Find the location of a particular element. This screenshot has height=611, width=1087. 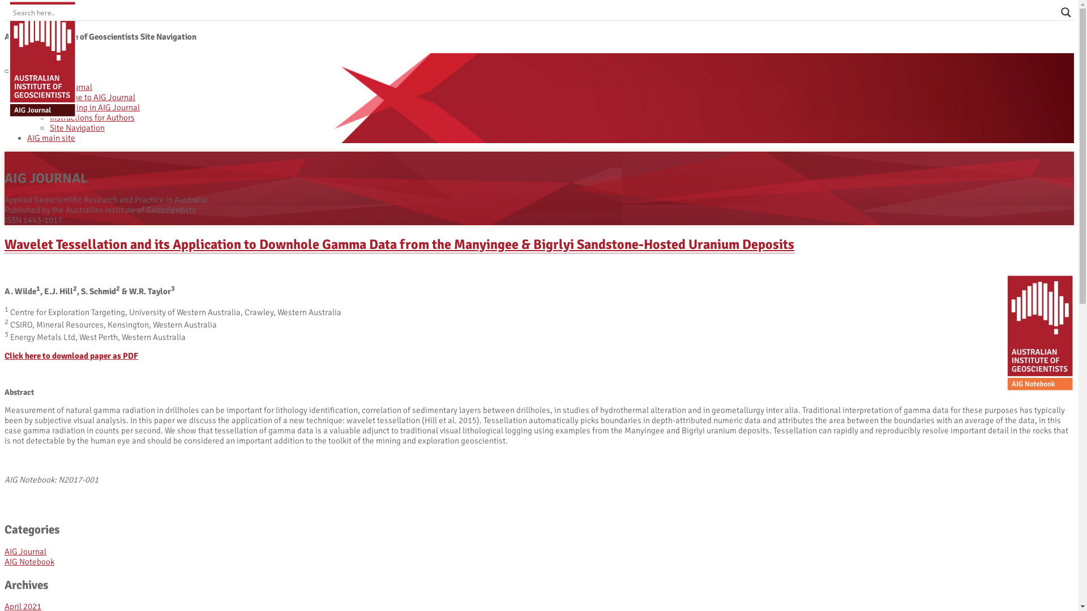

'Instructions for Authors' is located at coordinates (92, 118).